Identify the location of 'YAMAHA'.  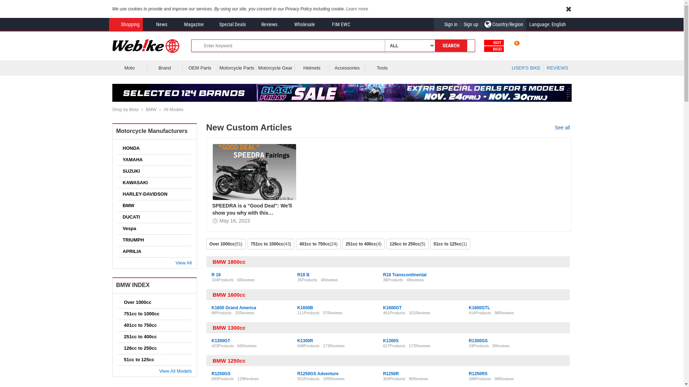
(131, 159).